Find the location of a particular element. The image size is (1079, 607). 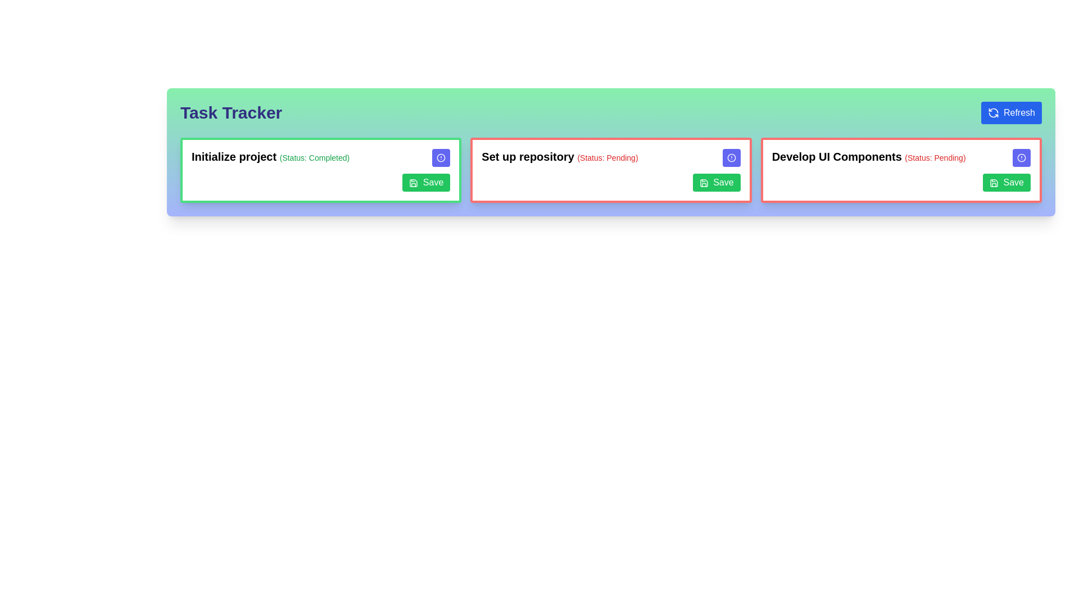

the filled circular element located at the center of the 'Set up repository' task card icon is located at coordinates (731, 158).